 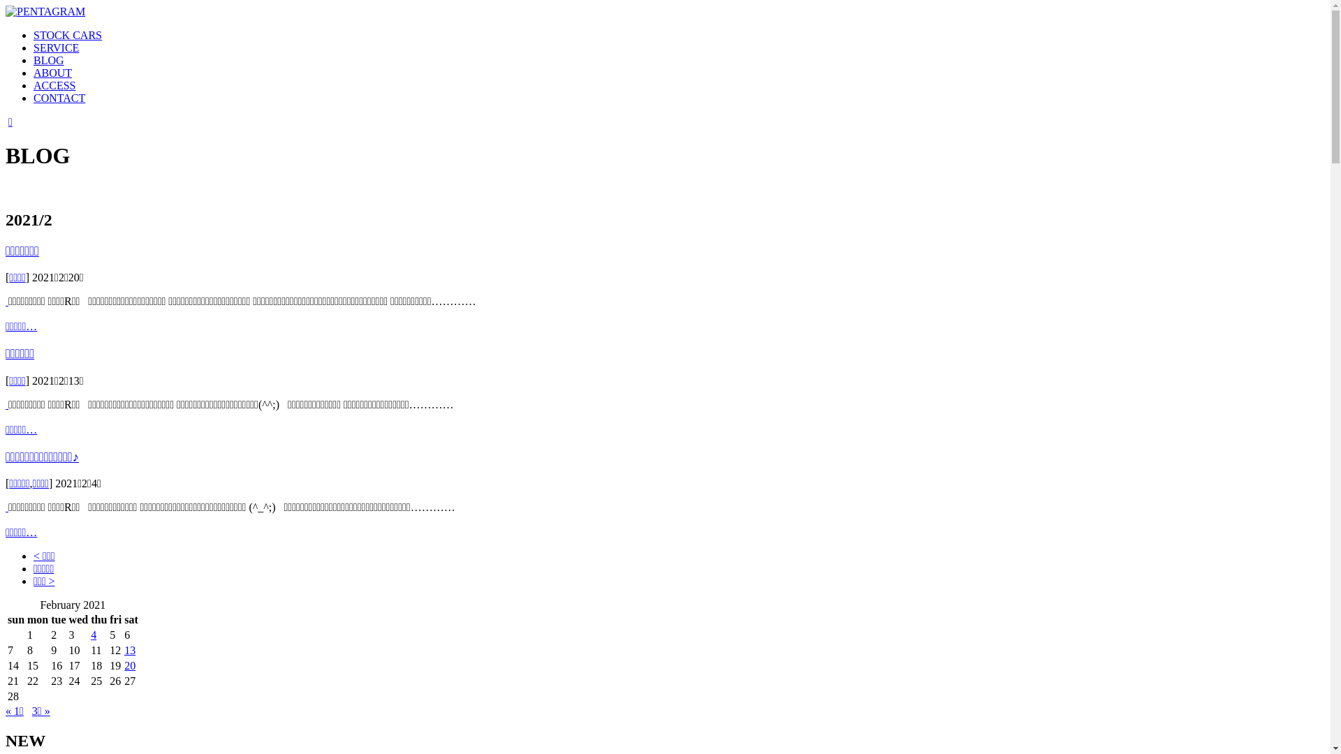 I want to click on '13', so click(x=130, y=650).